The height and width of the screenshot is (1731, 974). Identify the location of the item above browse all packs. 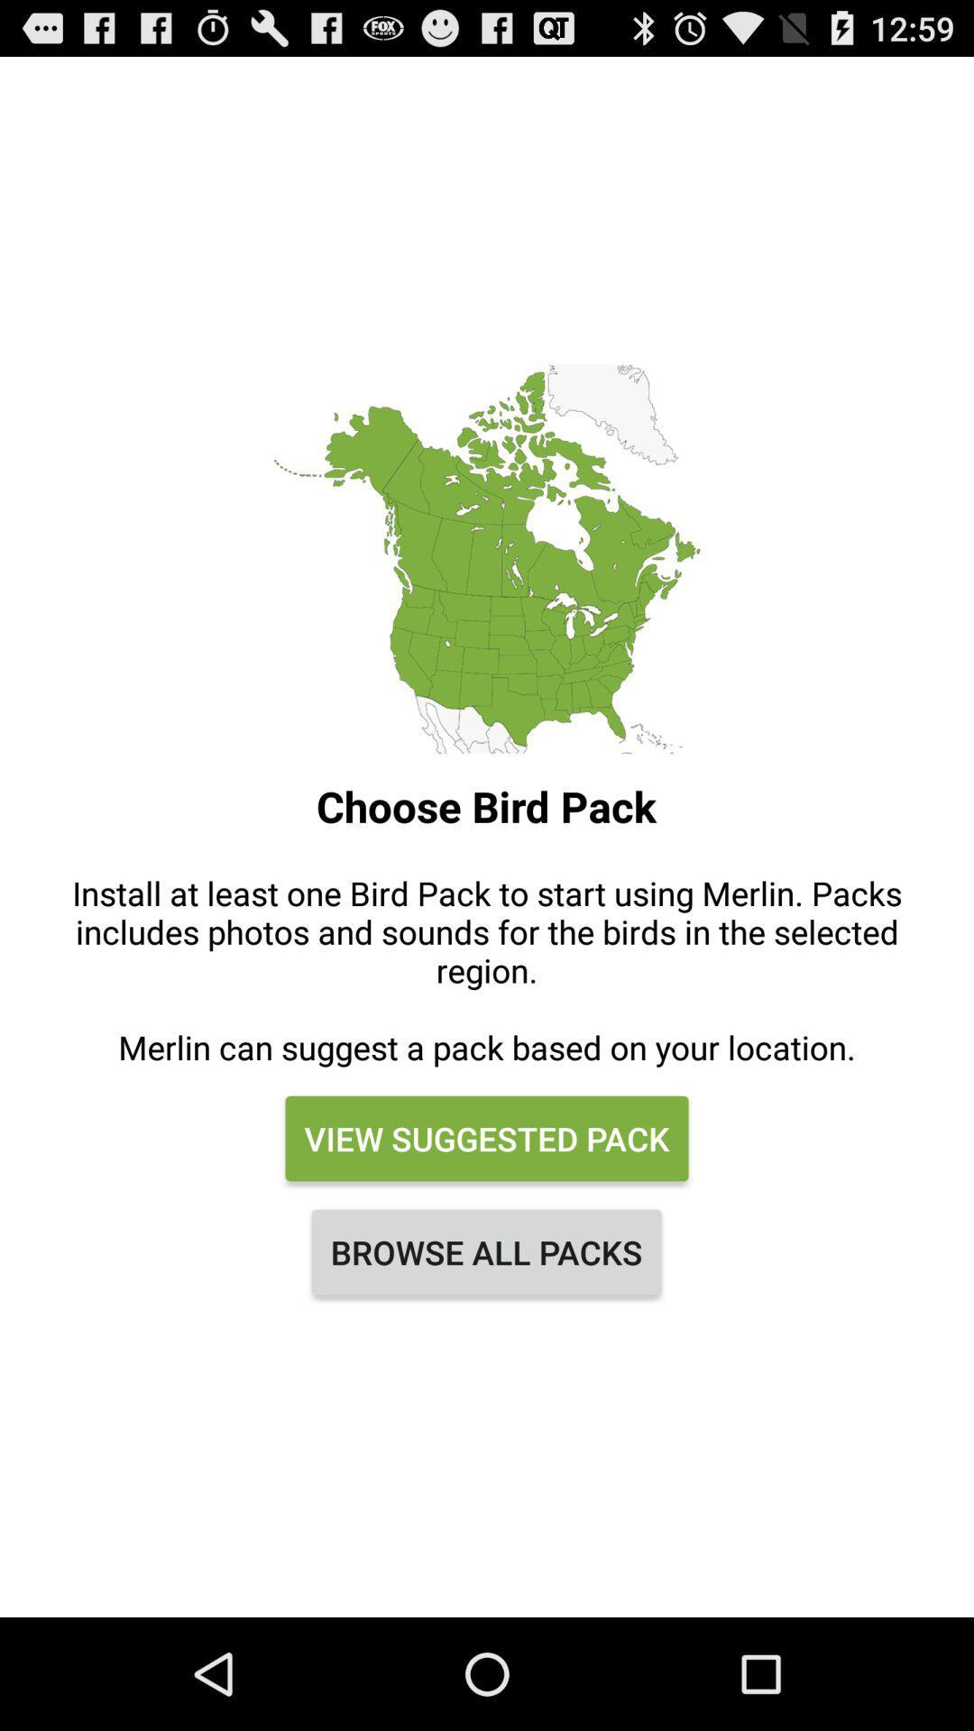
(487, 1137).